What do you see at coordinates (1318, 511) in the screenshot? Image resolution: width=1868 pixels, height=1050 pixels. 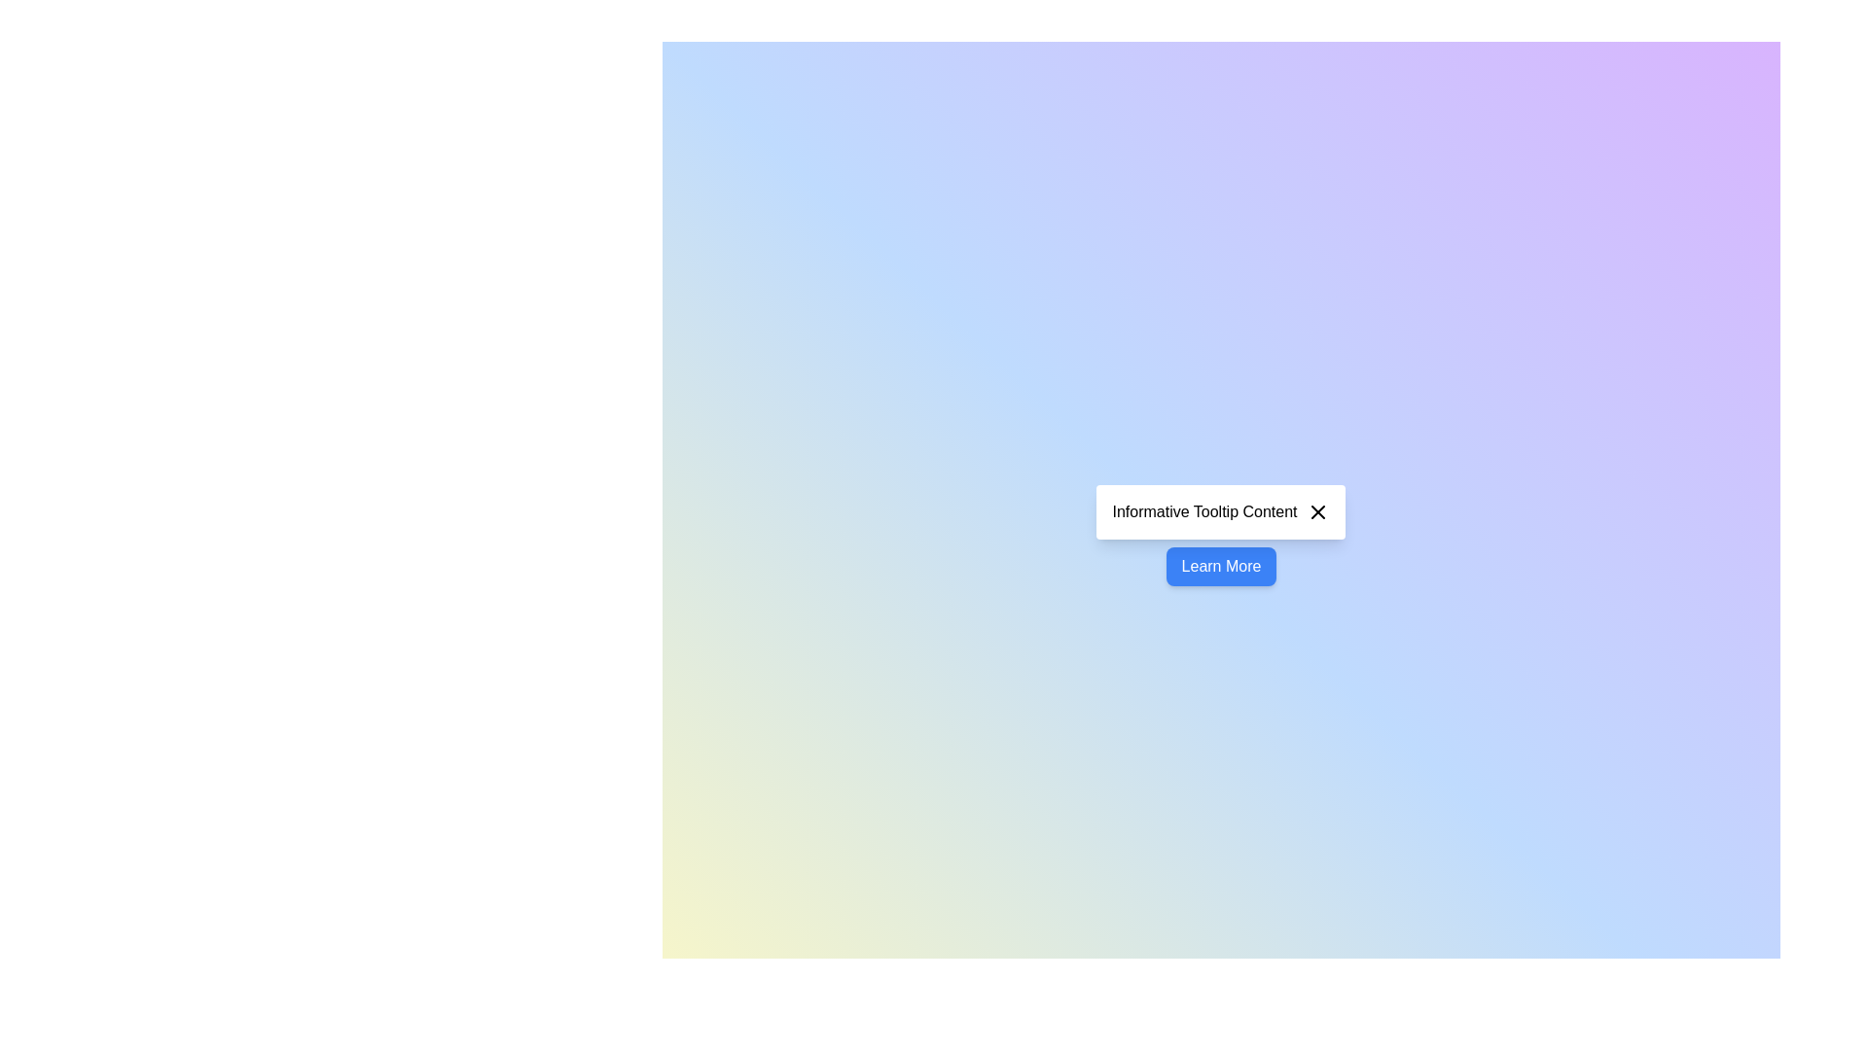 I see `the Close Button icon represented by a diagonal cross 'X' shape within an SVG component, located in the top right corner of the tooltip box adjacent to the label 'Informative Tooltip Content'` at bounding box center [1318, 511].